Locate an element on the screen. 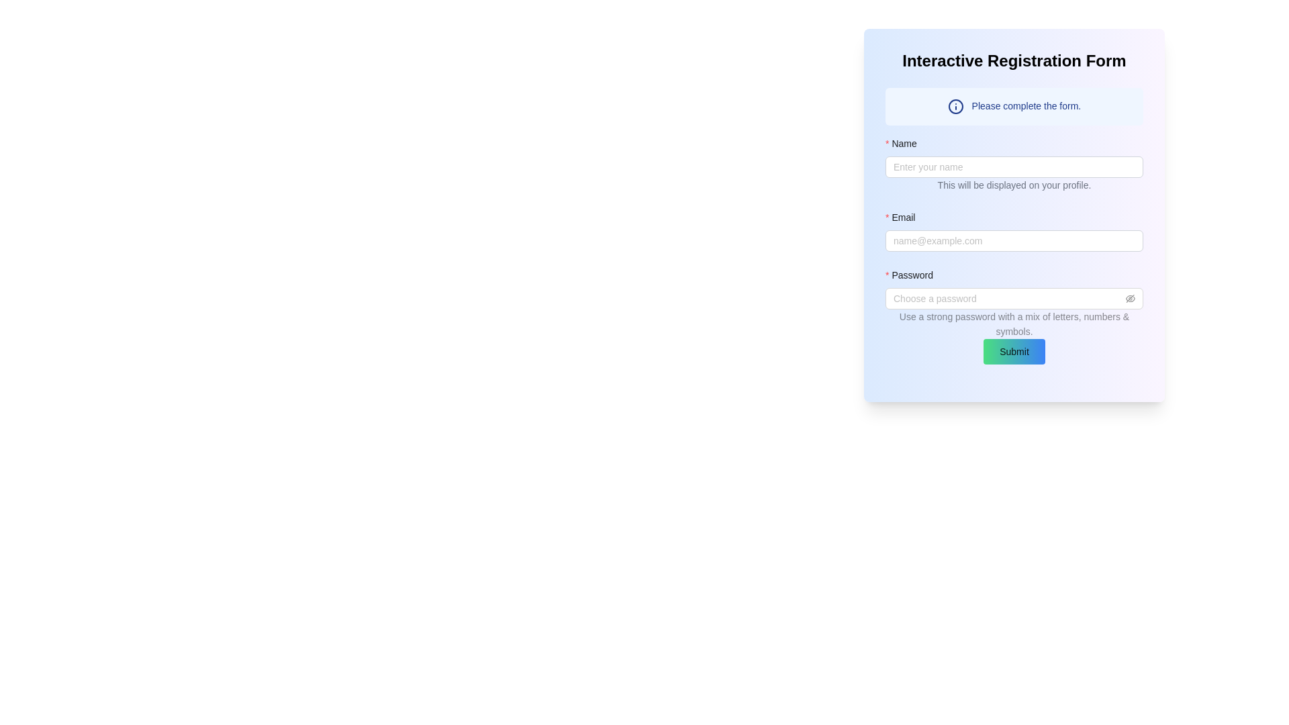  the text label that provides guidance on the password format, located directly below the 'Password' input field in the 'Interactive Registration Form' is located at coordinates (1014, 313).